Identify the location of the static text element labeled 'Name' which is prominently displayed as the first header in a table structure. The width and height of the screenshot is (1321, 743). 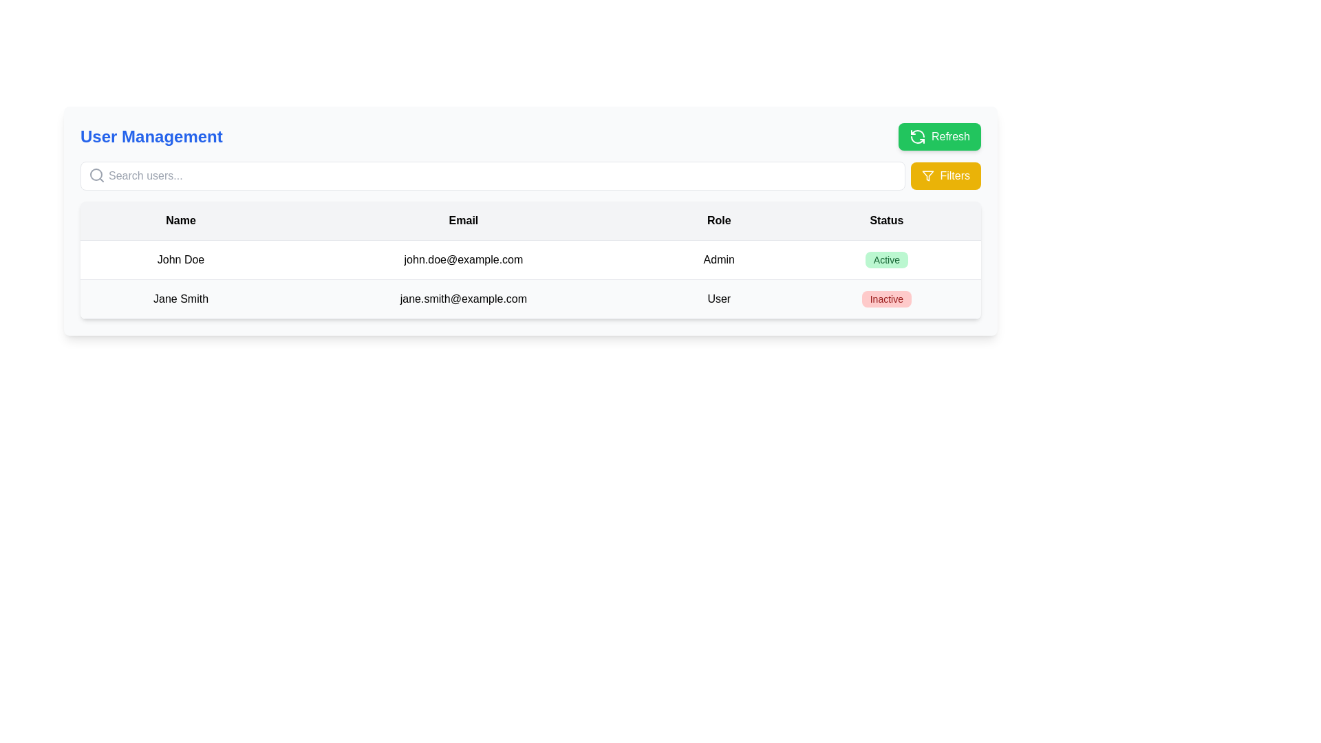
(180, 220).